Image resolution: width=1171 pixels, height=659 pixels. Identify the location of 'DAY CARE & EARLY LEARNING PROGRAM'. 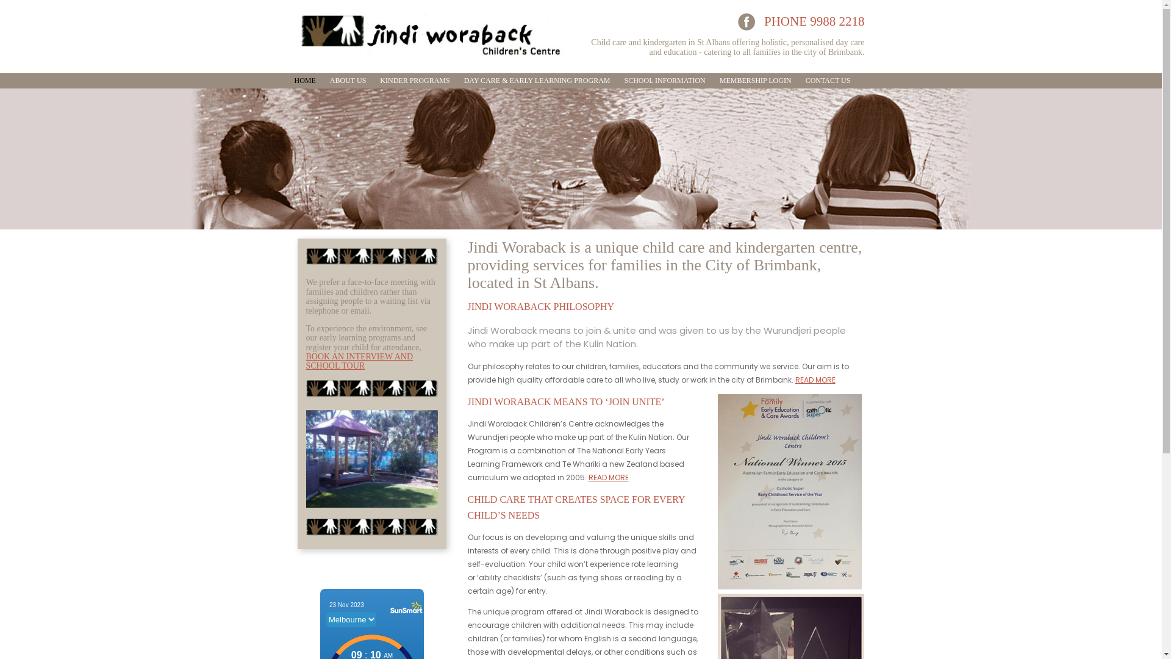
(537, 81).